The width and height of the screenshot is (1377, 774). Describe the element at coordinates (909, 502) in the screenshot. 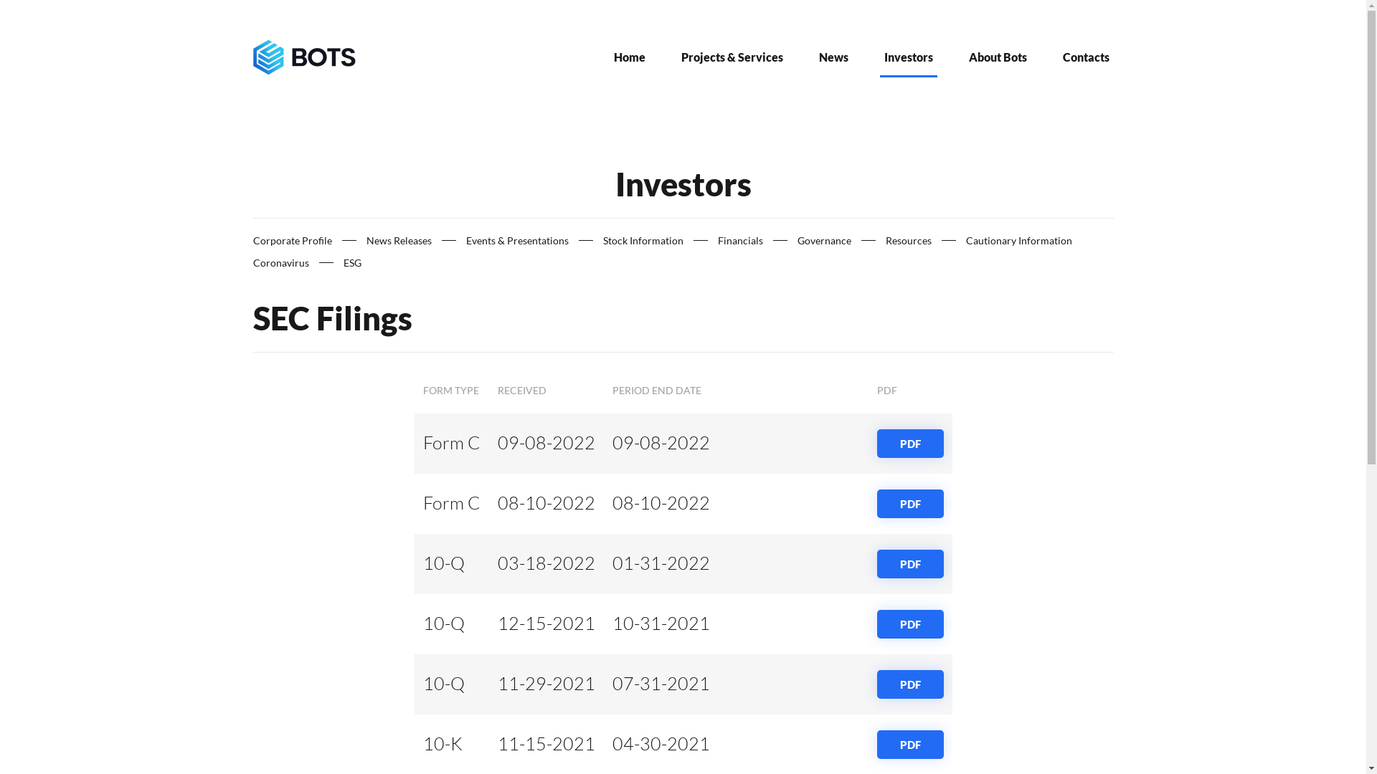

I see `'PDF'` at that location.